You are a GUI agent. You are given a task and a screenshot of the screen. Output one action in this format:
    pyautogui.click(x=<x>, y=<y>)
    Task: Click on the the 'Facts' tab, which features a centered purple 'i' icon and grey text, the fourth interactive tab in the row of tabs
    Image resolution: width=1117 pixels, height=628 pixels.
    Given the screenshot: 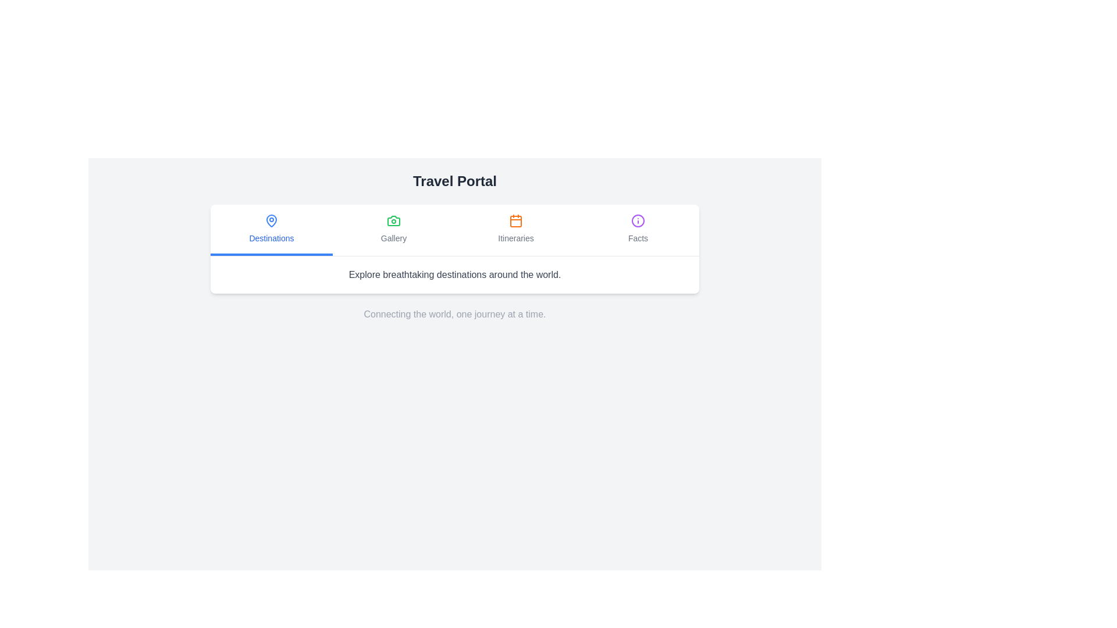 What is the action you would take?
    pyautogui.click(x=638, y=230)
    